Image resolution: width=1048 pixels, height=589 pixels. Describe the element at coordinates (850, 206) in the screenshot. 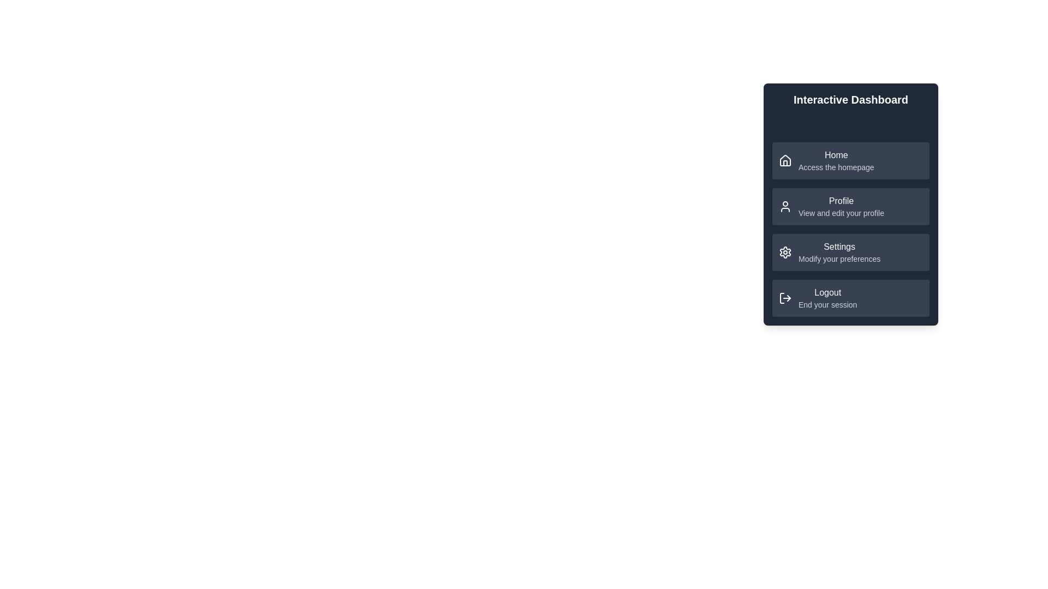

I see `the menu item labeled Profile to navigate to its linked page` at that location.